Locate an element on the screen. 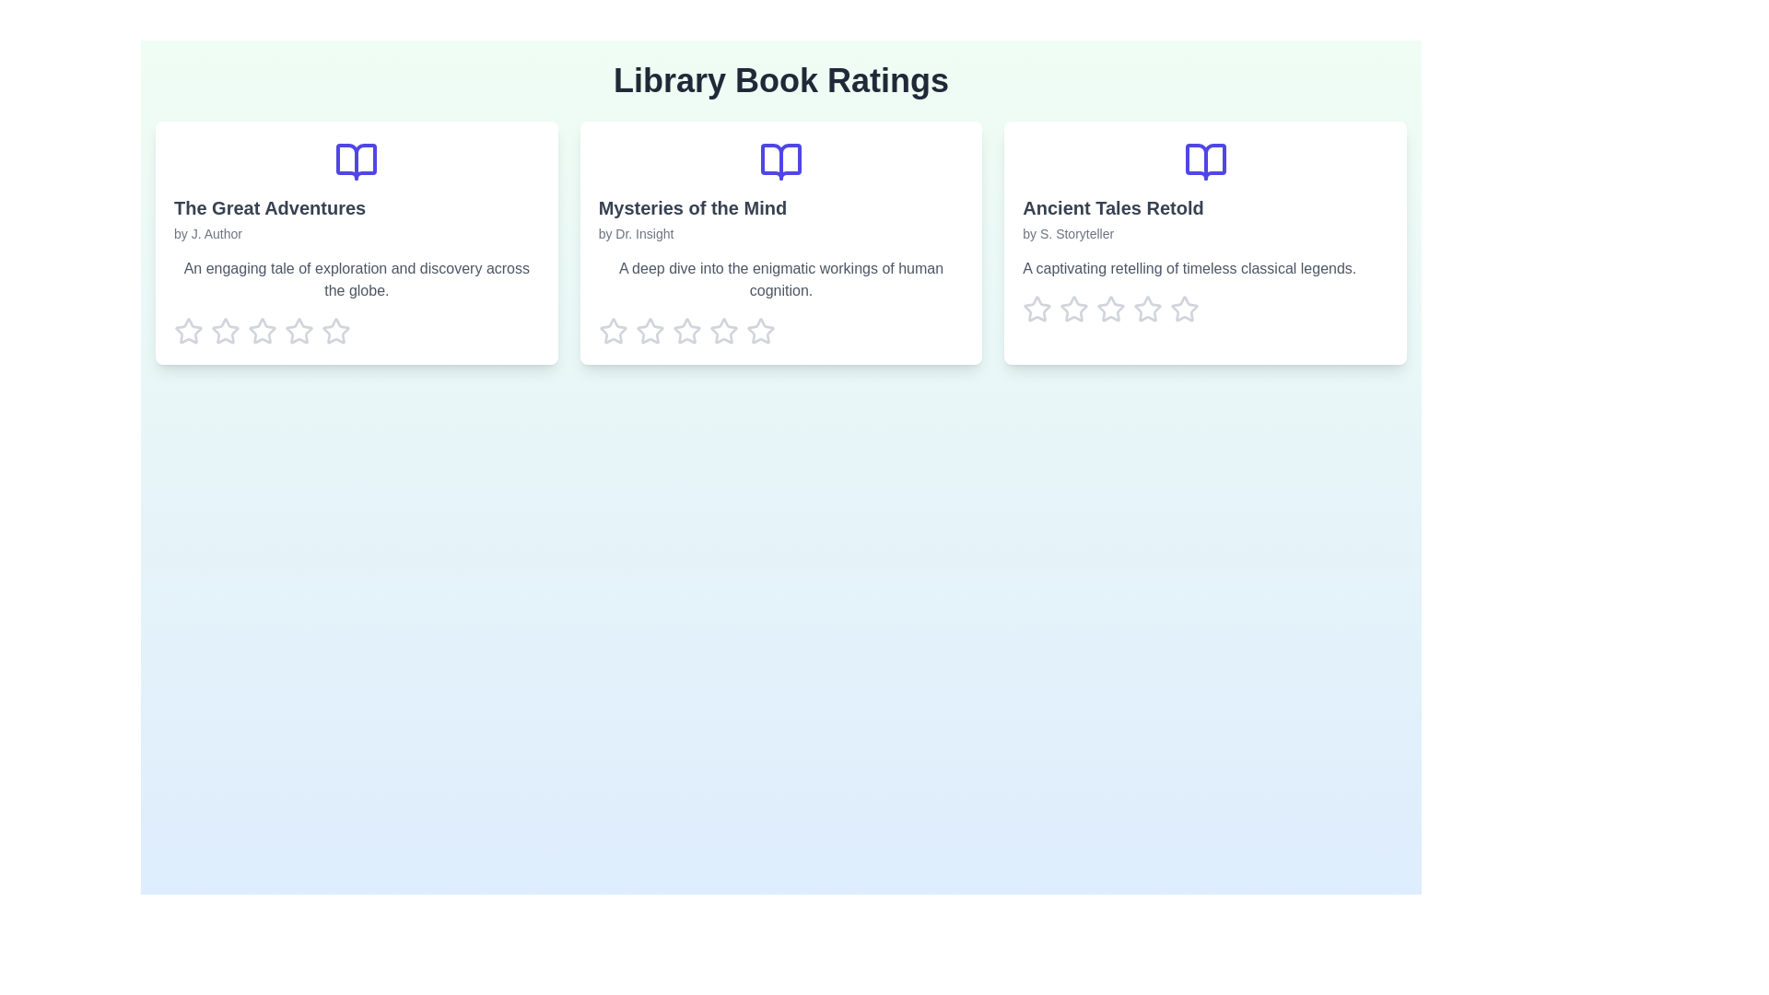  the rating for a book to 4 stars by clicking on the corresponding star is located at coordinates (299, 330).